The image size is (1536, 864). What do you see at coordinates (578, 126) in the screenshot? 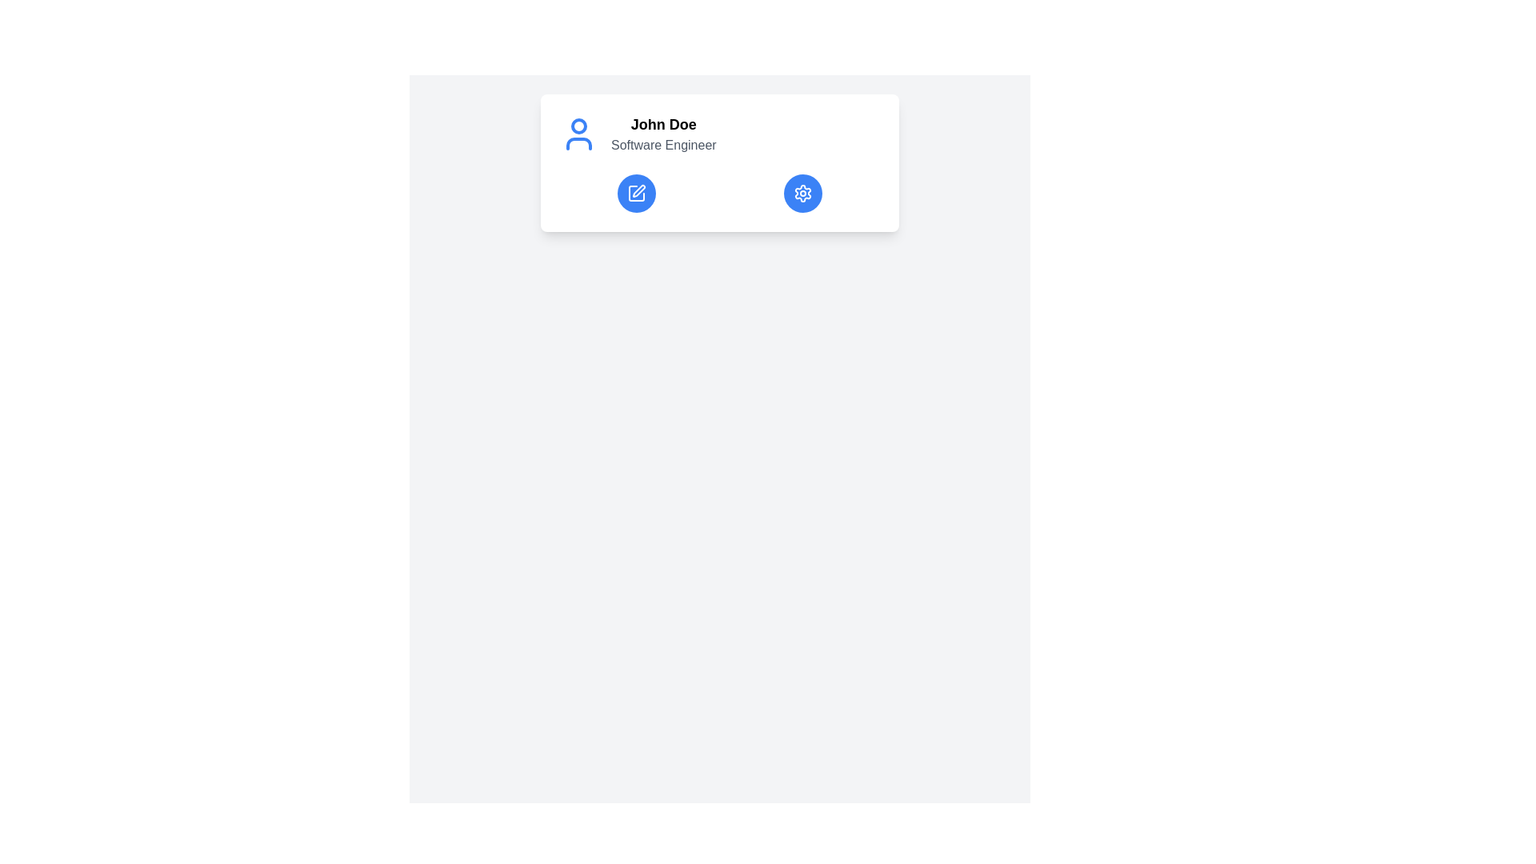
I see `the SVG Circle that represents the head part of a user icon, located in the upper part of the card to the left of the user name and designation` at bounding box center [578, 126].